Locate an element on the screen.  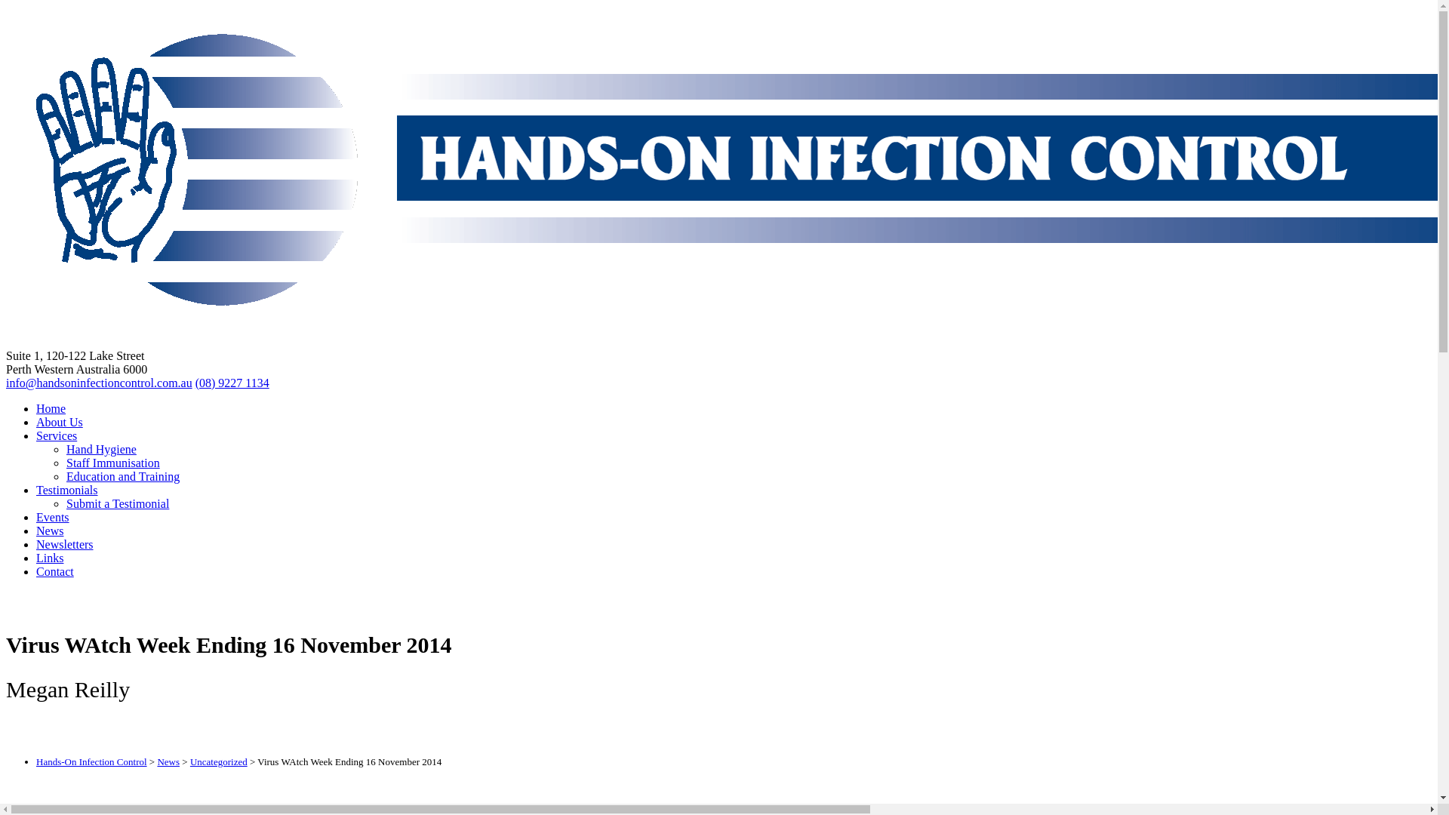
'Newsletters' is located at coordinates (64, 544).